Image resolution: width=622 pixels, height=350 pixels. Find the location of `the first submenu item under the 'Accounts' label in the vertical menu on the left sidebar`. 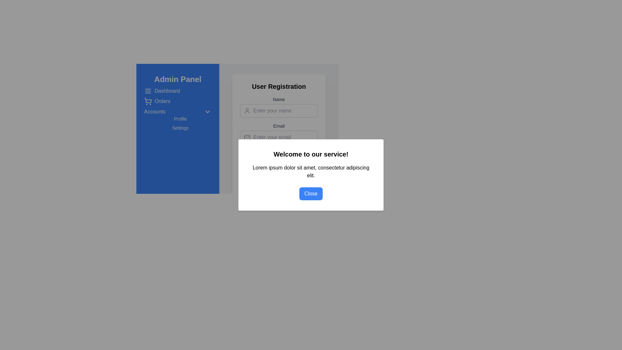

the first submenu item under the 'Accounts' label in the vertical menu on the left sidebar is located at coordinates (180, 119).